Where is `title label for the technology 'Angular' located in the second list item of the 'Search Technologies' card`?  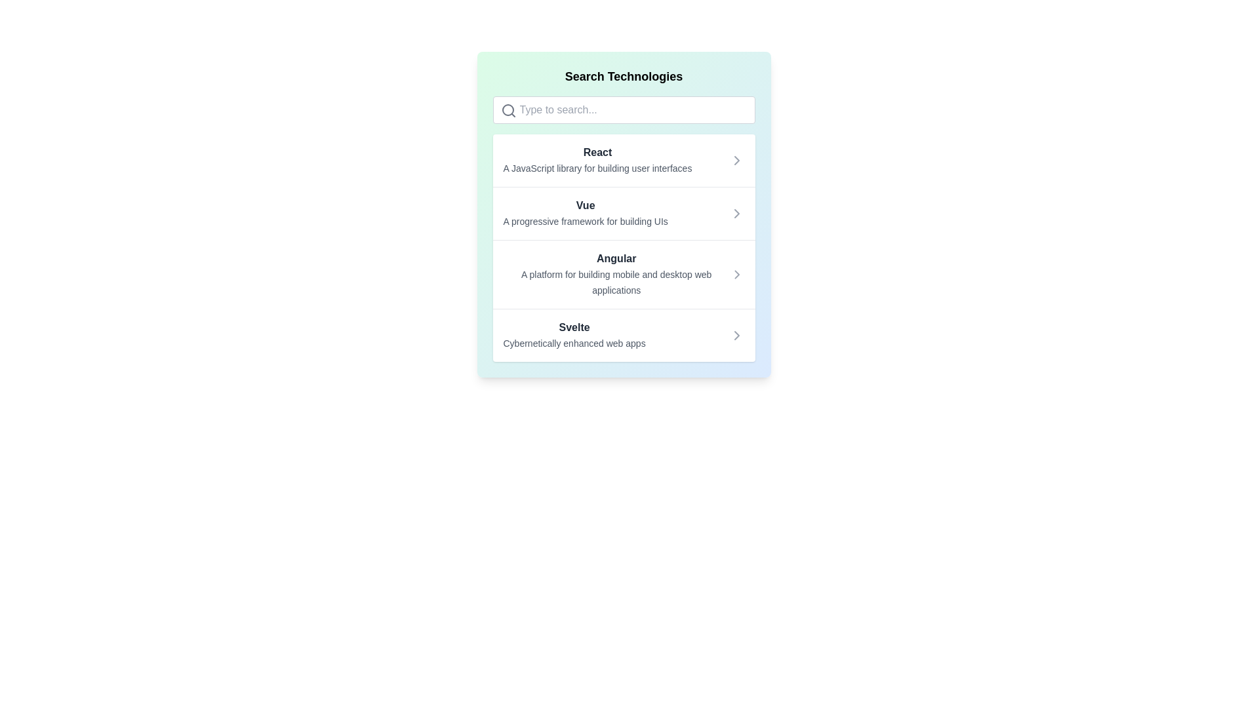 title label for the technology 'Angular' located in the second list item of the 'Search Technologies' card is located at coordinates (616, 258).